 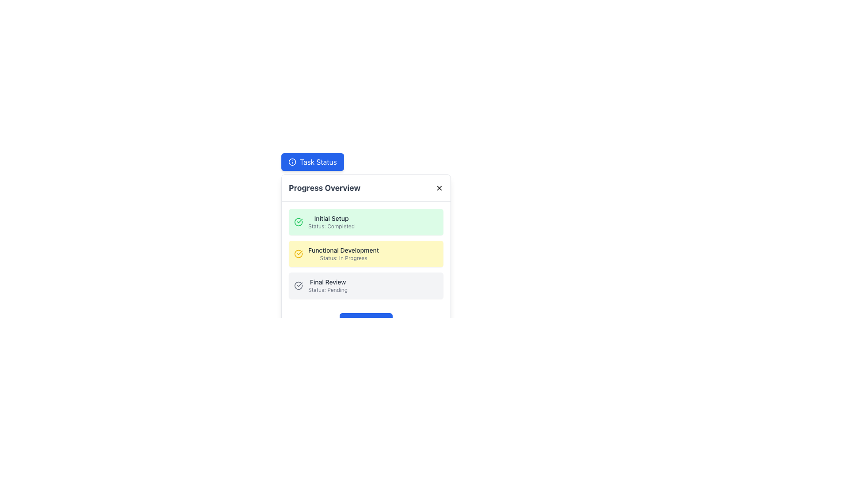 What do you see at coordinates (292, 162) in the screenshot?
I see `the icon located inside the 'Task Status' button, which is positioned at the top-left quadrant of the interface` at bounding box center [292, 162].